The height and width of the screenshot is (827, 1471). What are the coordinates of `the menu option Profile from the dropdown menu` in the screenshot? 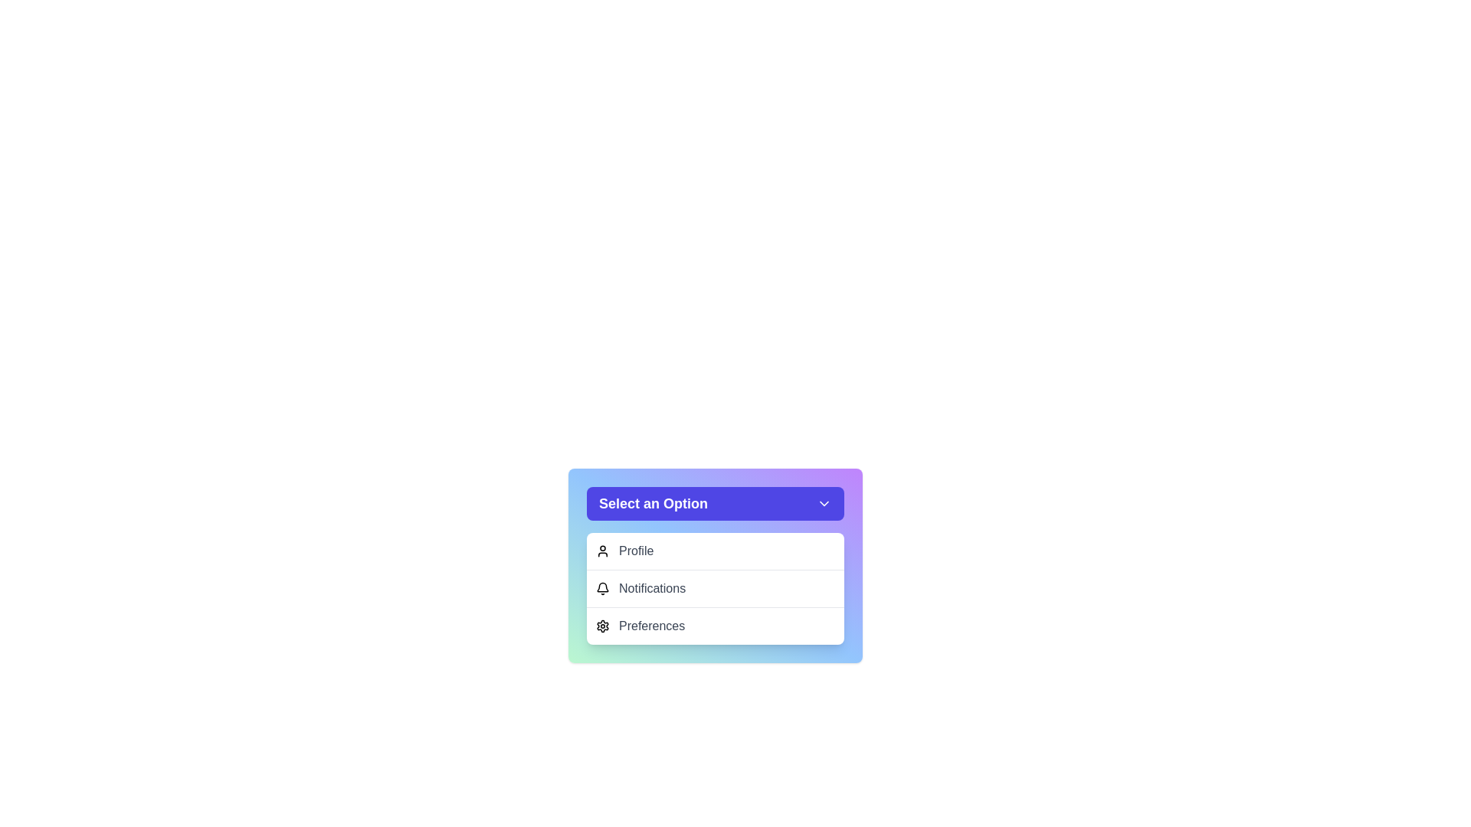 It's located at (715, 551).